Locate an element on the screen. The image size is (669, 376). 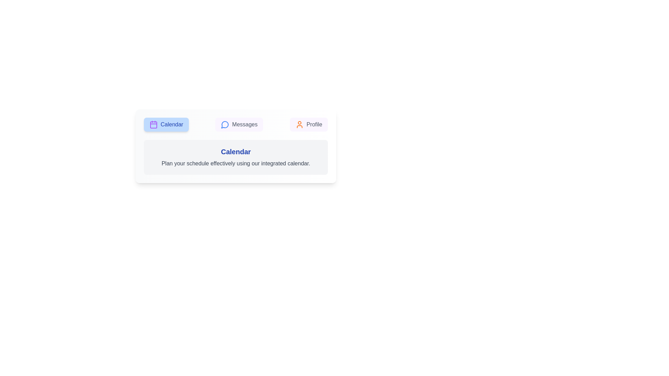
the tab with title Messages is located at coordinates (239, 124).